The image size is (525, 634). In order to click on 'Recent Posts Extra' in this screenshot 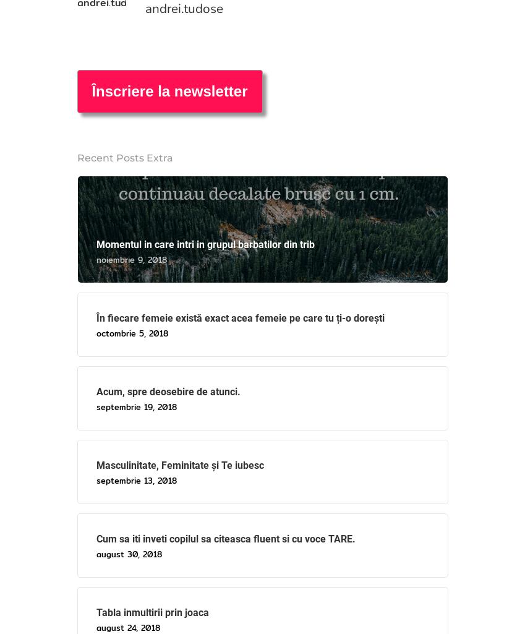, I will do `click(124, 156)`.